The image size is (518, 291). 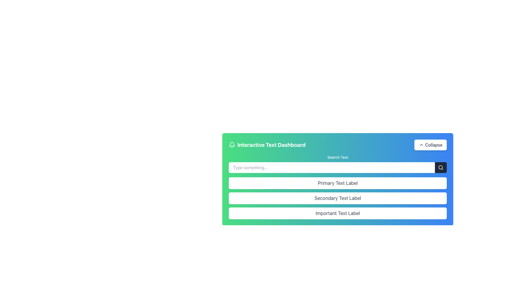 What do you see at coordinates (271, 144) in the screenshot?
I see `'Interactive Text Dashboard' label which is a bold, white text element located towards the upper-left section of the interface, aligned with the 'Search Text' label` at bounding box center [271, 144].